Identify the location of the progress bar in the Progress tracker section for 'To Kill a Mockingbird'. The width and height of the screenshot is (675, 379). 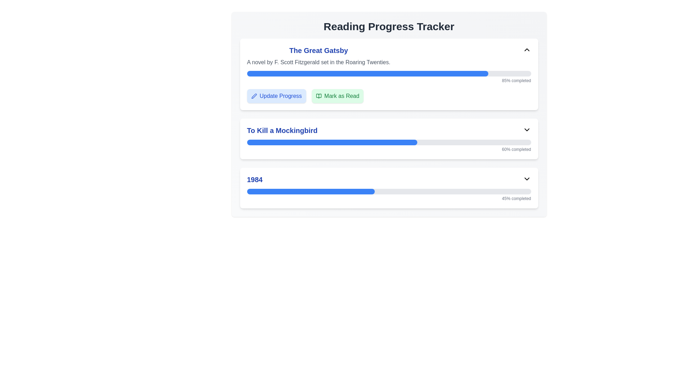
(388, 123).